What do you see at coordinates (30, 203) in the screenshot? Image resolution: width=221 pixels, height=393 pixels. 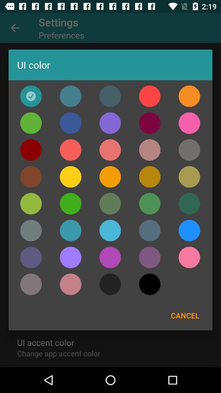 I see `color` at bounding box center [30, 203].